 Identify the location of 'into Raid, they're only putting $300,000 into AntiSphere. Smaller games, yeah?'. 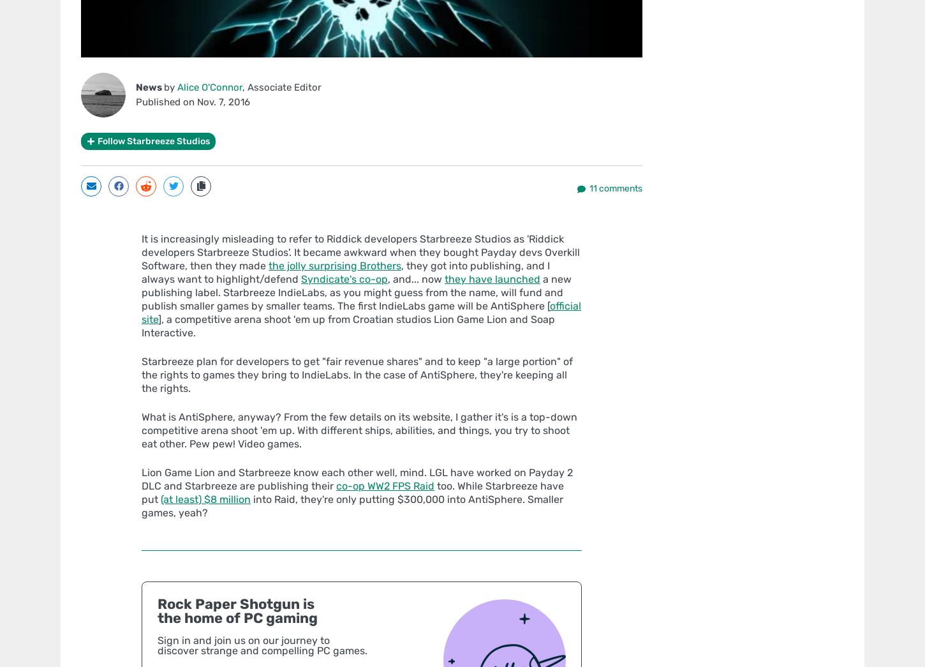
(140, 506).